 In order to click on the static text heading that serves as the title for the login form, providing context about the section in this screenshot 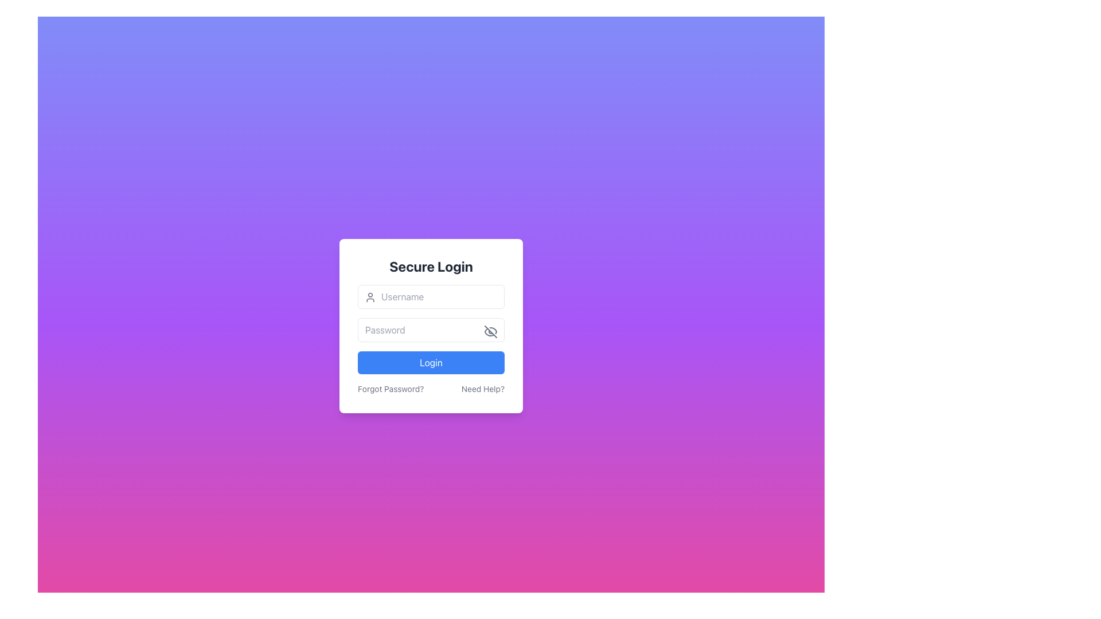, I will do `click(431, 267)`.